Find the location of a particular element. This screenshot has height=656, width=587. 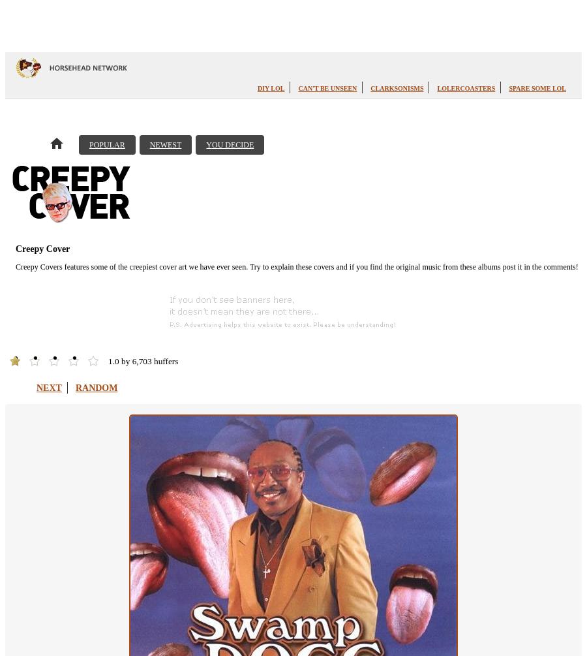

'Newest' is located at coordinates (148, 144).